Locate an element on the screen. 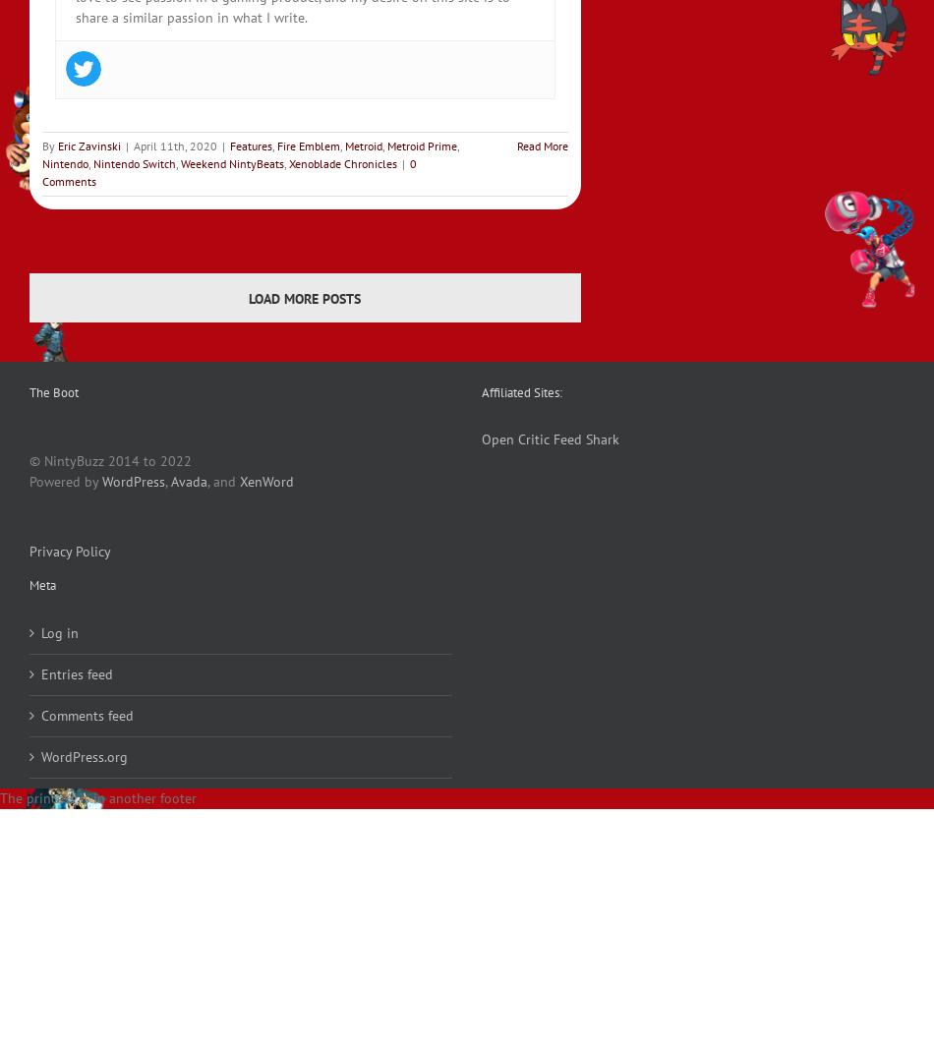  'Load More Posts' is located at coordinates (303, 296).